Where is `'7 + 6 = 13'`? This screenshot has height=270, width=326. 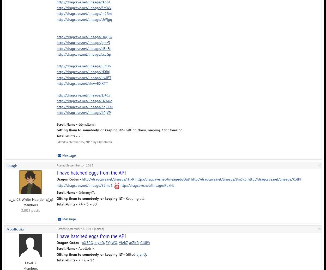 '7 + 6 = 13' is located at coordinates (86, 260).